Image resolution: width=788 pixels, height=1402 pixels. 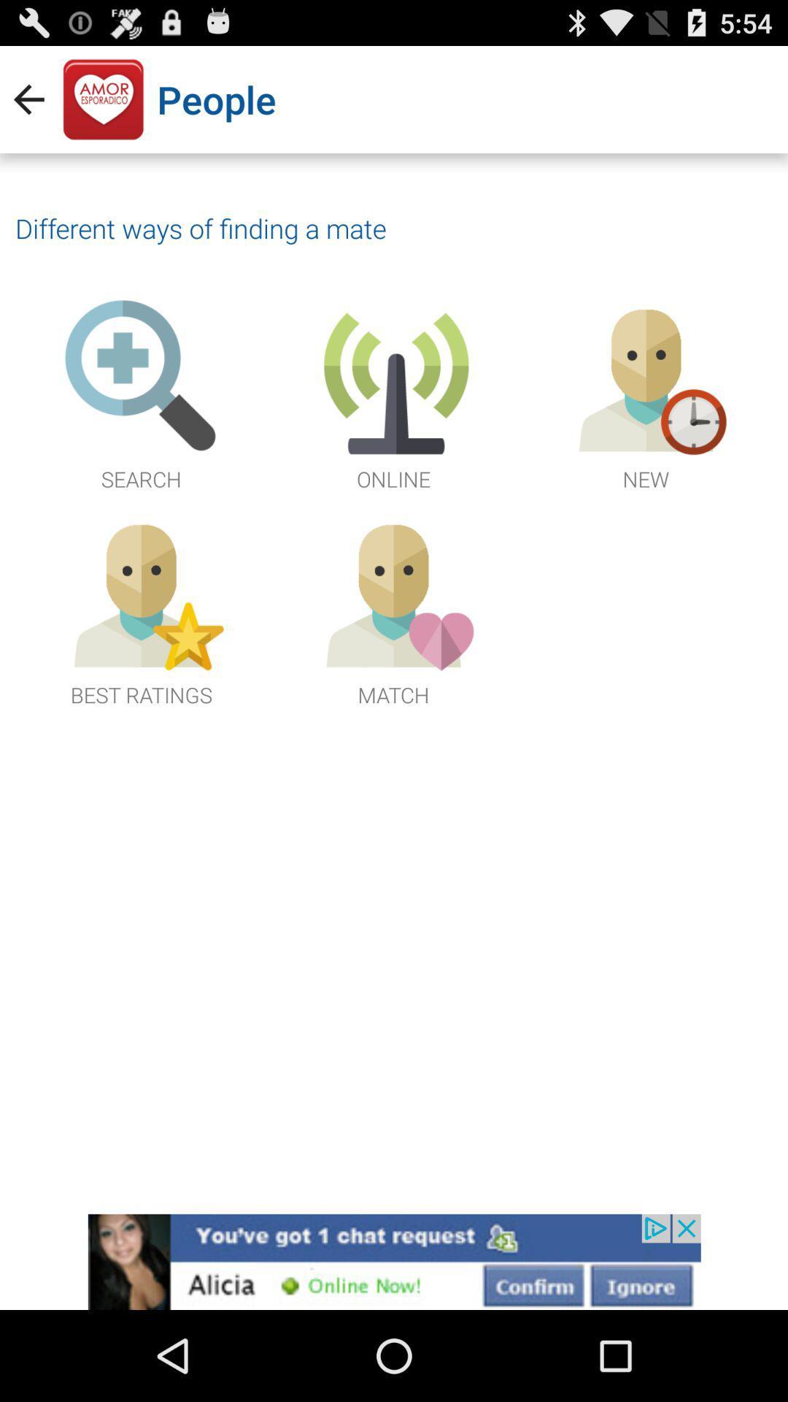 I want to click on the online icon, so click(x=394, y=396).